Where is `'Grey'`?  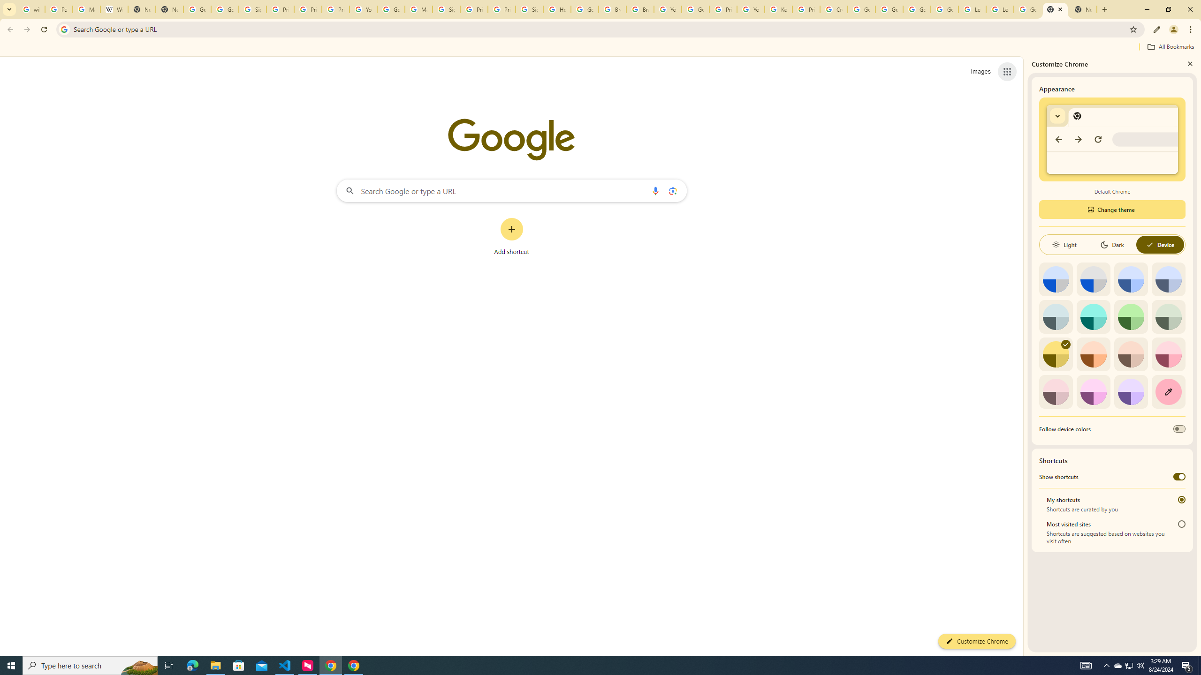
'Grey' is located at coordinates (1056, 316).